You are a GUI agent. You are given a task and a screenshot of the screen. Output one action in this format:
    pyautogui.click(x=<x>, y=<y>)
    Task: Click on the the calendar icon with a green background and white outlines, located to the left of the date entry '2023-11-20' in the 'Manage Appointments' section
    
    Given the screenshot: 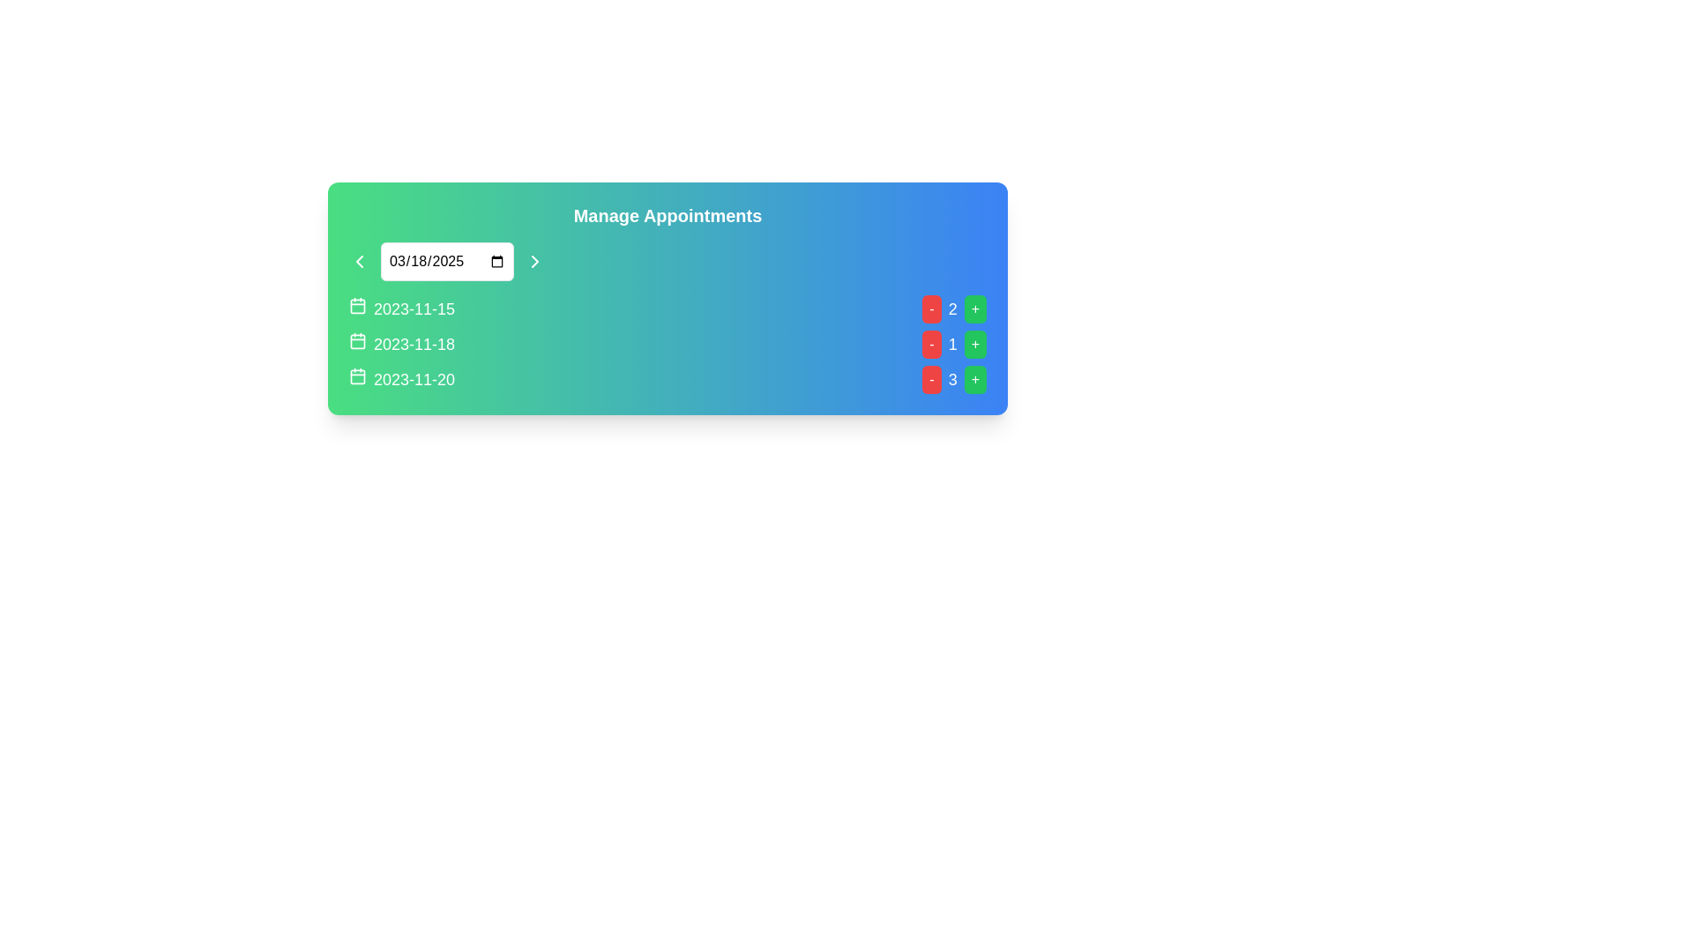 What is the action you would take?
    pyautogui.click(x=357, y=376)
    